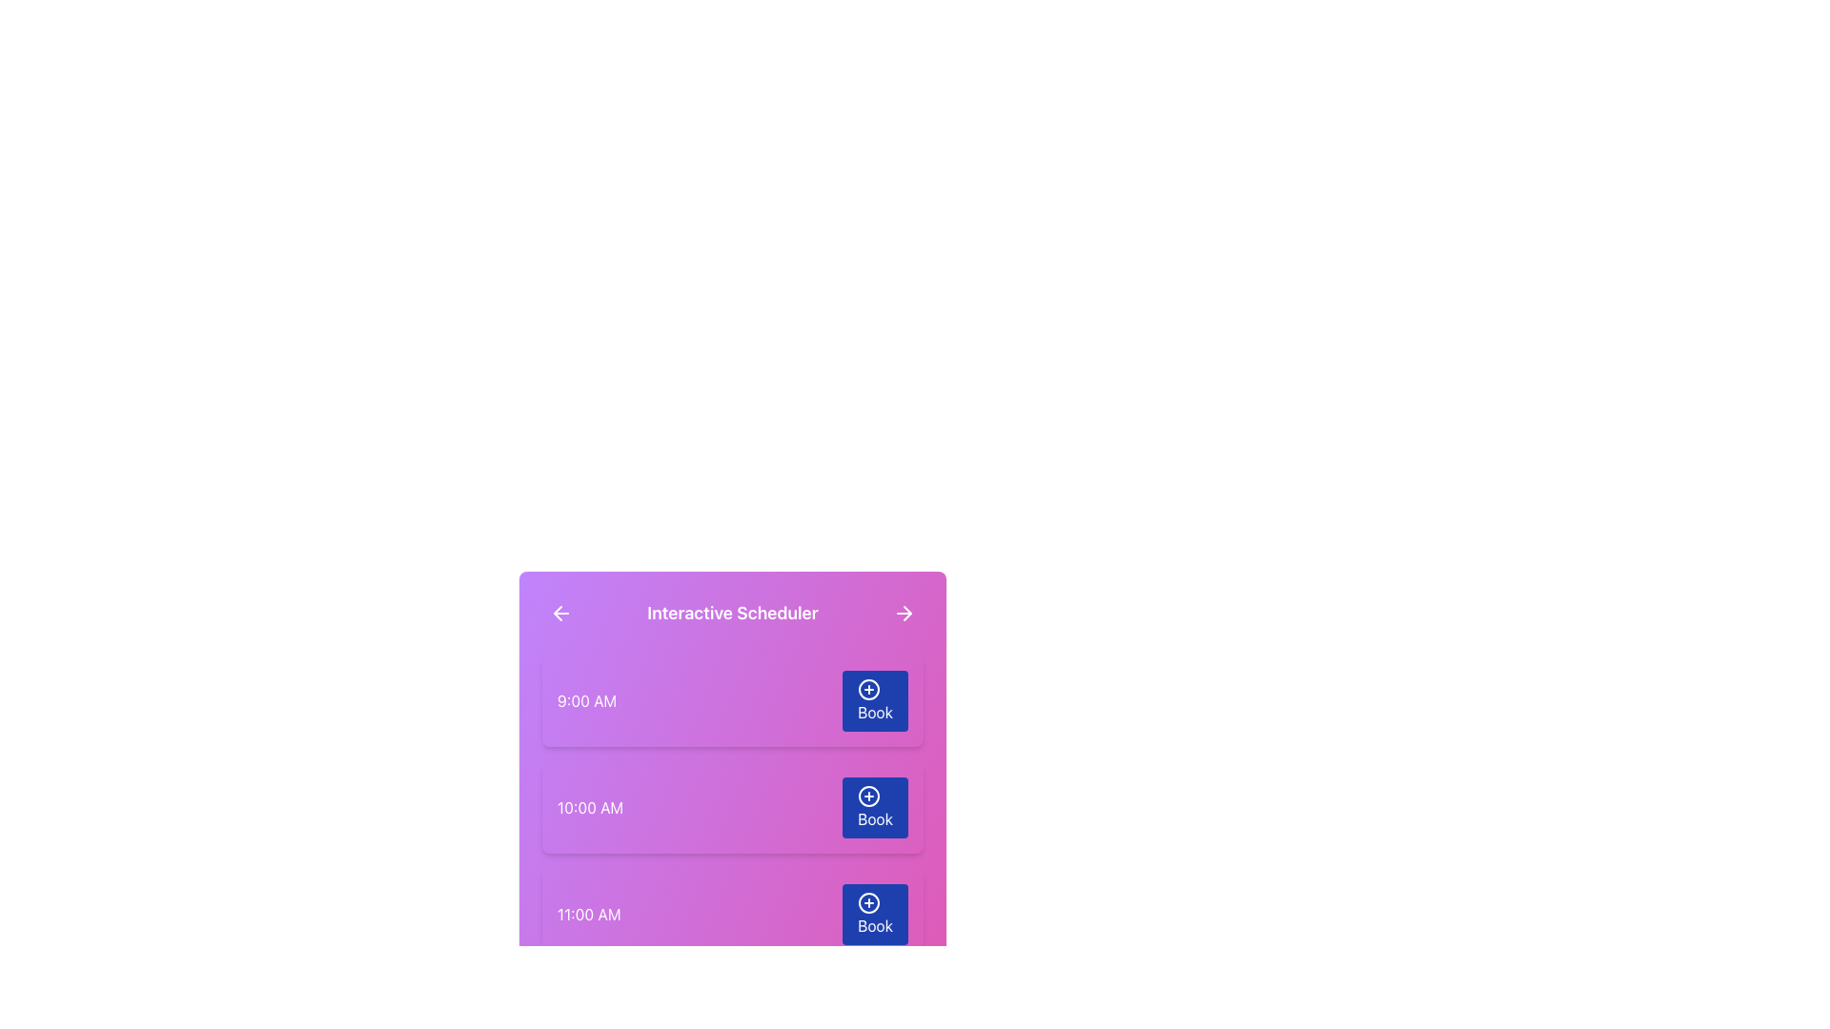 This screenshot has height=1029, width=1830. I want to click on the blue rectangular button with rounded corners labeled 'Book', located on the far right of the second row, to book the time slot, so click(873, 808).